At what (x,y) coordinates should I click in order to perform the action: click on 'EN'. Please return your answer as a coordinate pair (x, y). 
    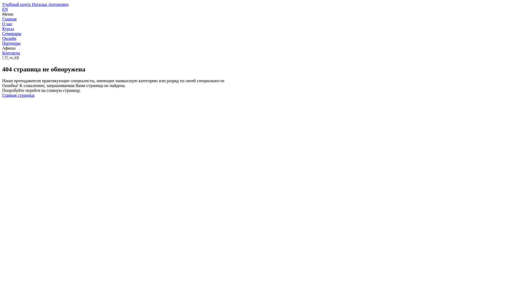
    Looking at the image, I should click on (5, 9).